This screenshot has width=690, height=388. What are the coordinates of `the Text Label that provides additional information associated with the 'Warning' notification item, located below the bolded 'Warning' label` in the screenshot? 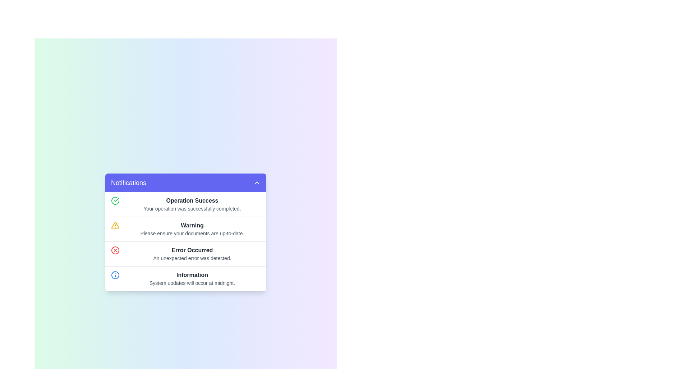 It's located at (192, 234).